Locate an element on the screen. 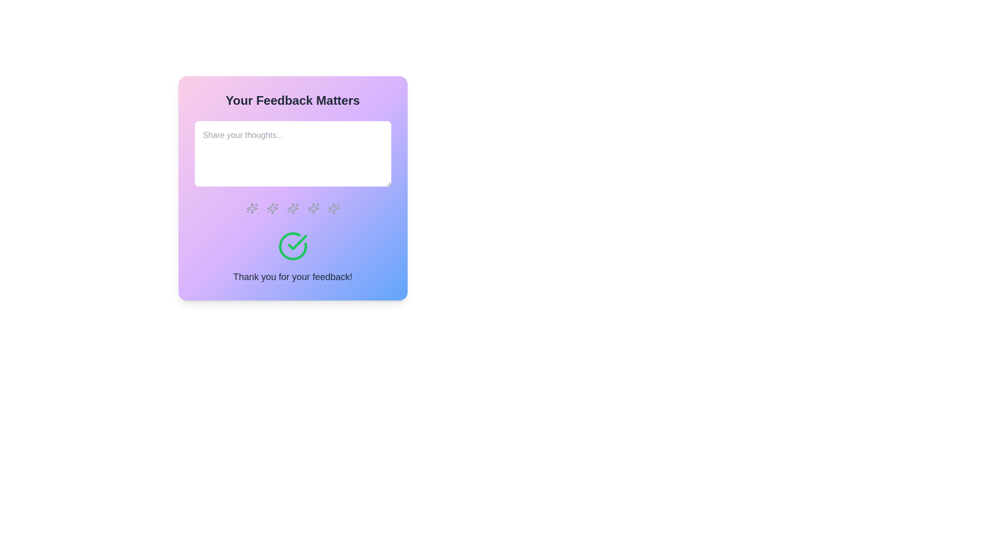 The image size is (982, 552). the third star icon in the interactive star-like rating system is located at coordinates (292, 208).